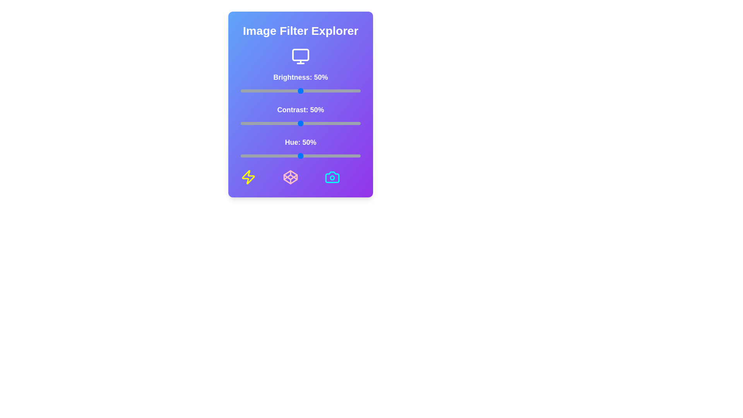  I want to click on the contrast slider to 46%, so click(295, 123).